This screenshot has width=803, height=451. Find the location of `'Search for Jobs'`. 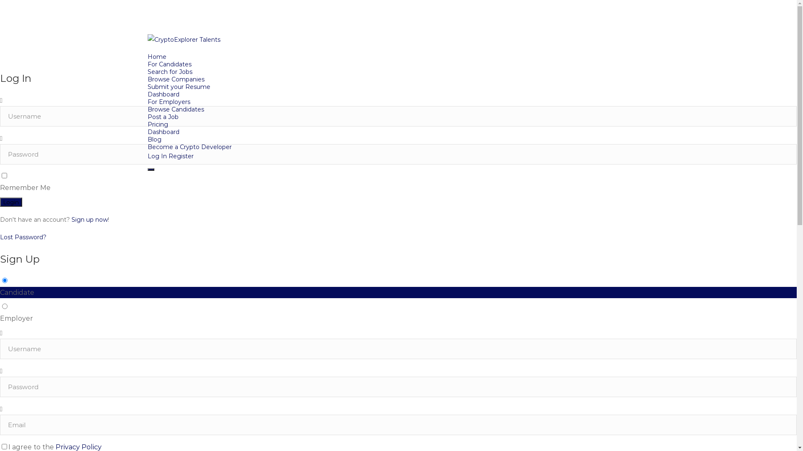

'Search for Jobs' is located at coordinates (169, 71).